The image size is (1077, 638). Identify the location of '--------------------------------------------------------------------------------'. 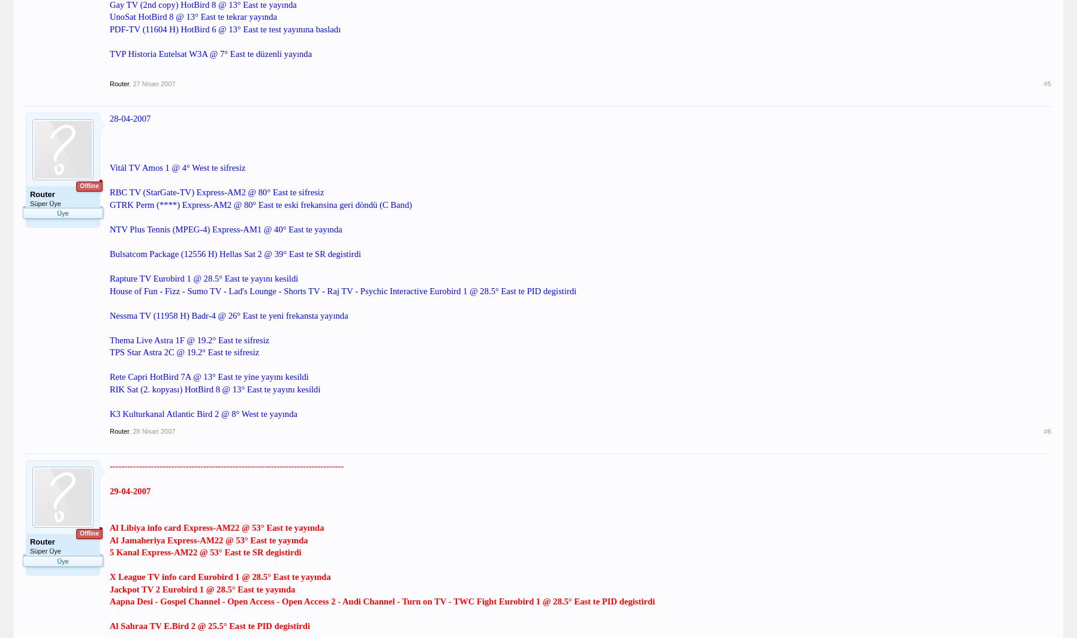
(226, 465).